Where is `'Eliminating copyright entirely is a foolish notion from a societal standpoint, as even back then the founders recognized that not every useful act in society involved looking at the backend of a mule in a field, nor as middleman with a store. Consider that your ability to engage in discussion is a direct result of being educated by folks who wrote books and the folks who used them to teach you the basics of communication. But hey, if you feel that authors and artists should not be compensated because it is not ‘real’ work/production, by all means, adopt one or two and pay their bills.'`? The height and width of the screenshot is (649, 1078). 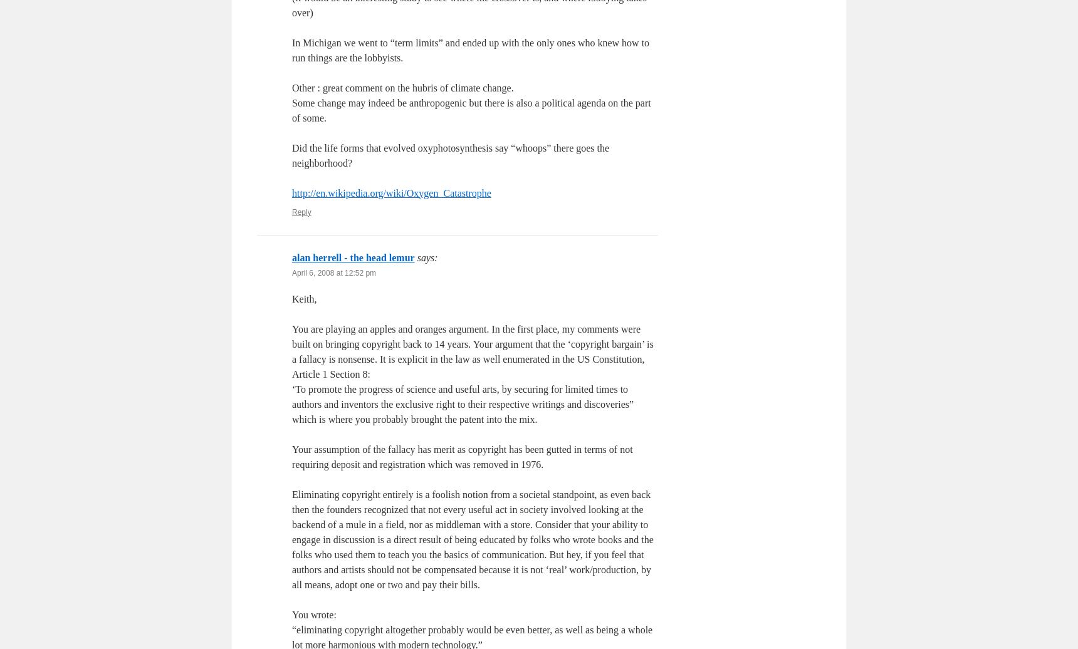
'Eliminating copyright entirely is a foolish notion from a societal standpoint, as even back then the founders recognized that not every useful act in society involved looking at the backend of a mule in a field, nor as middleman with a store. Consider that your ability to engage in discussion is a direct result of being educated by folks who wrote books and the folks who used them to teach you the basics of communication. But hey, if you feel that authors and artists should not be compensated because it is not ‘real’ work/production, by all means, adopt one or two and pay their bills.' is located at coordinates (291, 539).